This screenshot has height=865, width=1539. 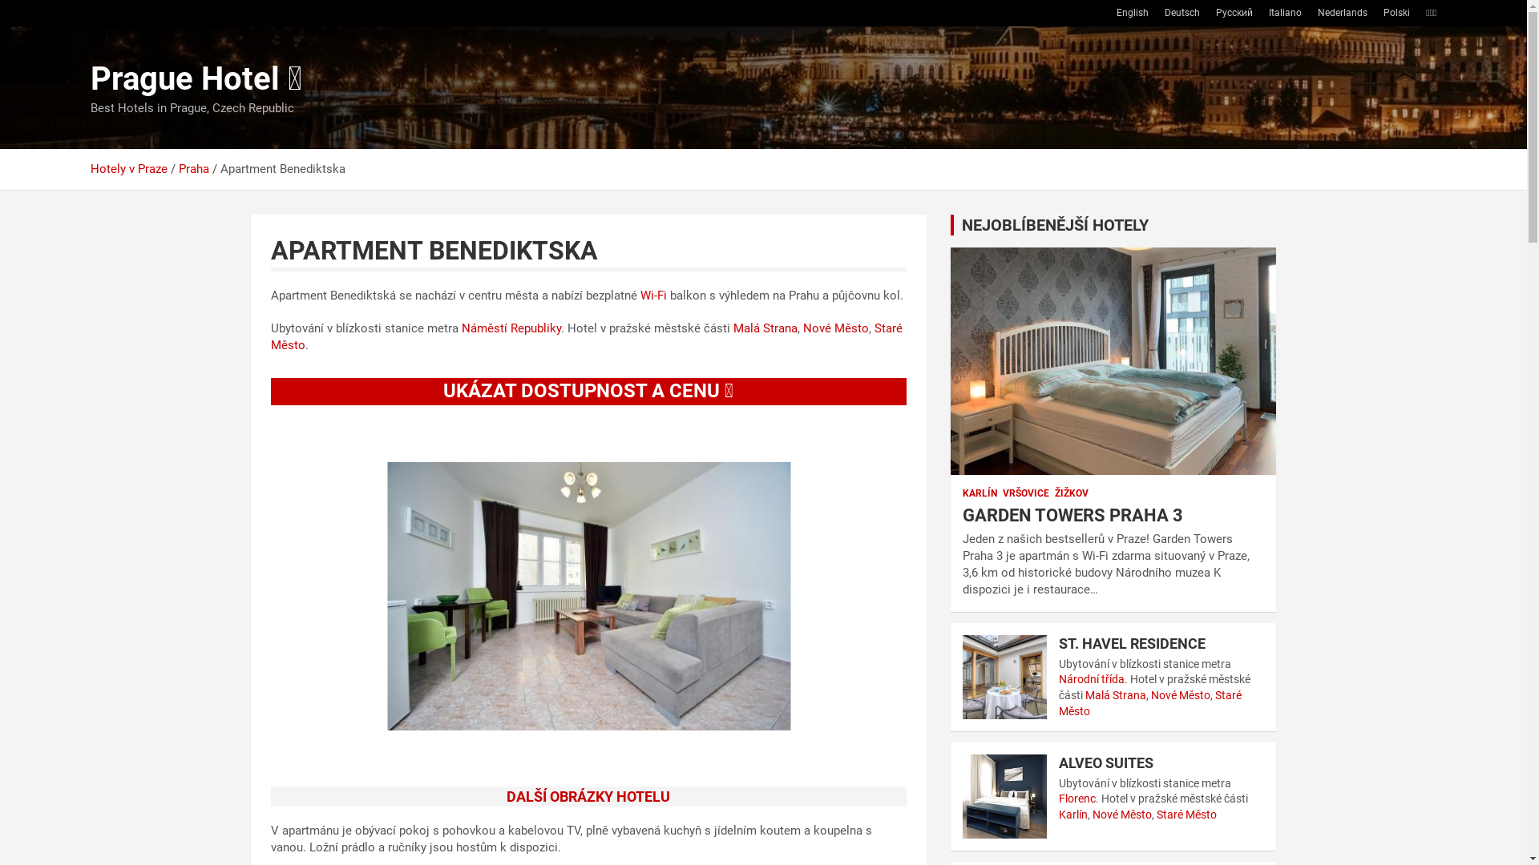 What do you see at coordinates (1268, 13) in the screenshot?
I see `'Italiano'` at bounding box center [1268, 13].